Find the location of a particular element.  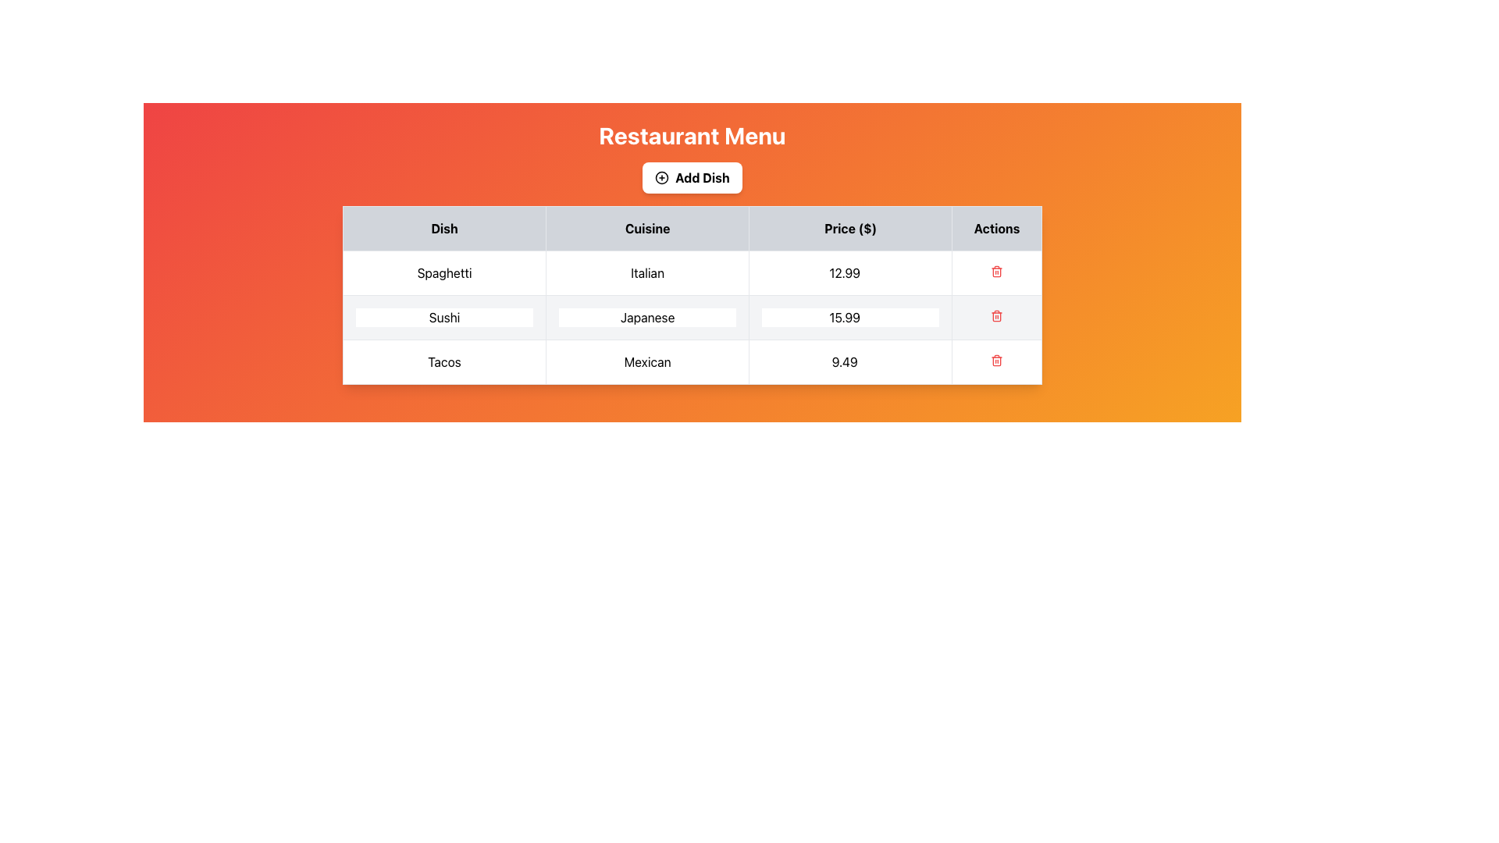

the delete button for the 'Sushi' entry located in the fourth column of the second row of the table is located at coordinates (996, 317).